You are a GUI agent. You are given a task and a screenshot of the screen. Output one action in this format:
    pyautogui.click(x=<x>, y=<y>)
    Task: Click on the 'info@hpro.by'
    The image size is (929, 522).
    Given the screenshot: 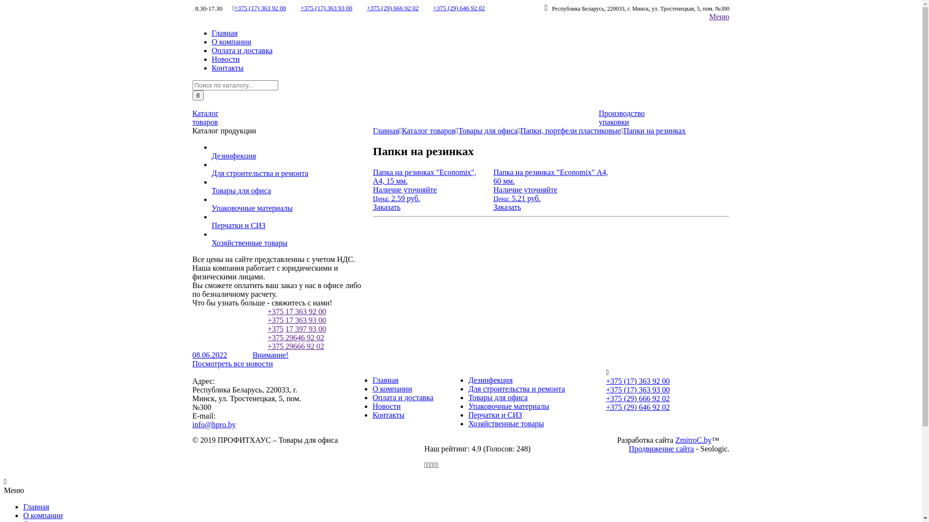 What is the action you would take?
    pyautogui.click(x=213, y=424)
    